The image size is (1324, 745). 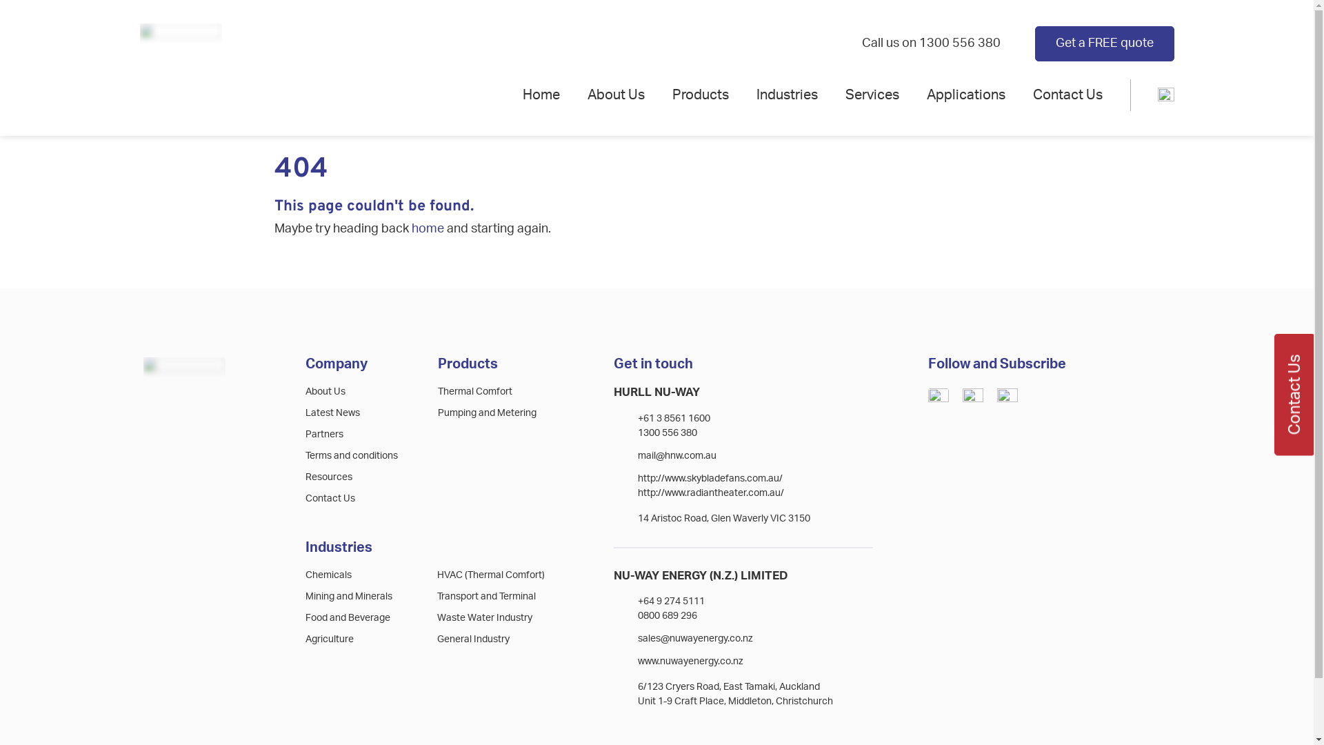 What do you see at coordinates (1104, 42) in the screenshot?
I see `'Get a FREE quote'` at bounding box center [1104, 42].